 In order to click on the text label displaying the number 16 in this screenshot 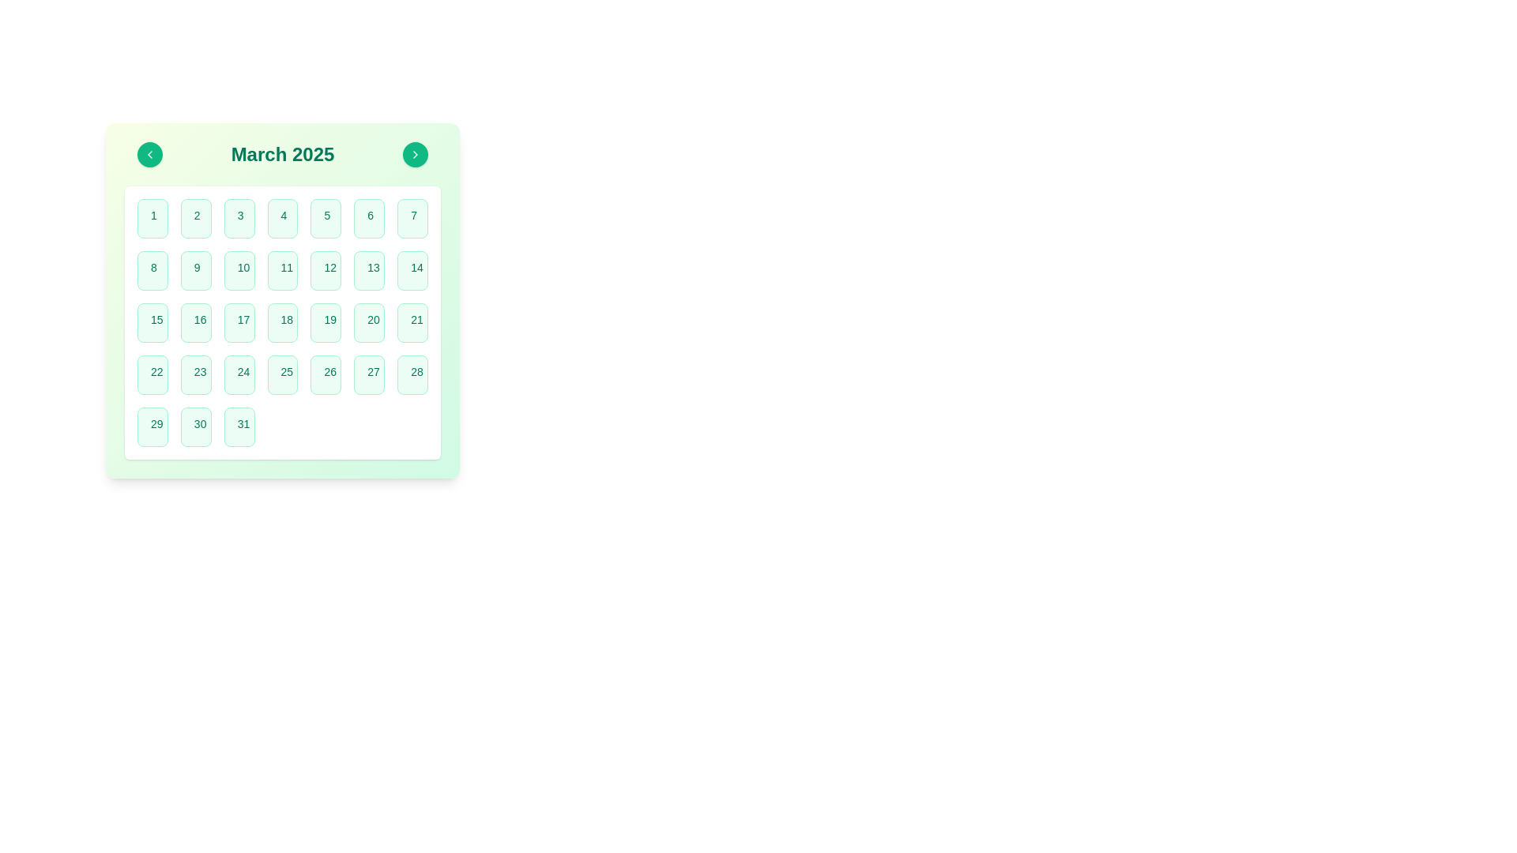, I will do `click(199, 320)`.